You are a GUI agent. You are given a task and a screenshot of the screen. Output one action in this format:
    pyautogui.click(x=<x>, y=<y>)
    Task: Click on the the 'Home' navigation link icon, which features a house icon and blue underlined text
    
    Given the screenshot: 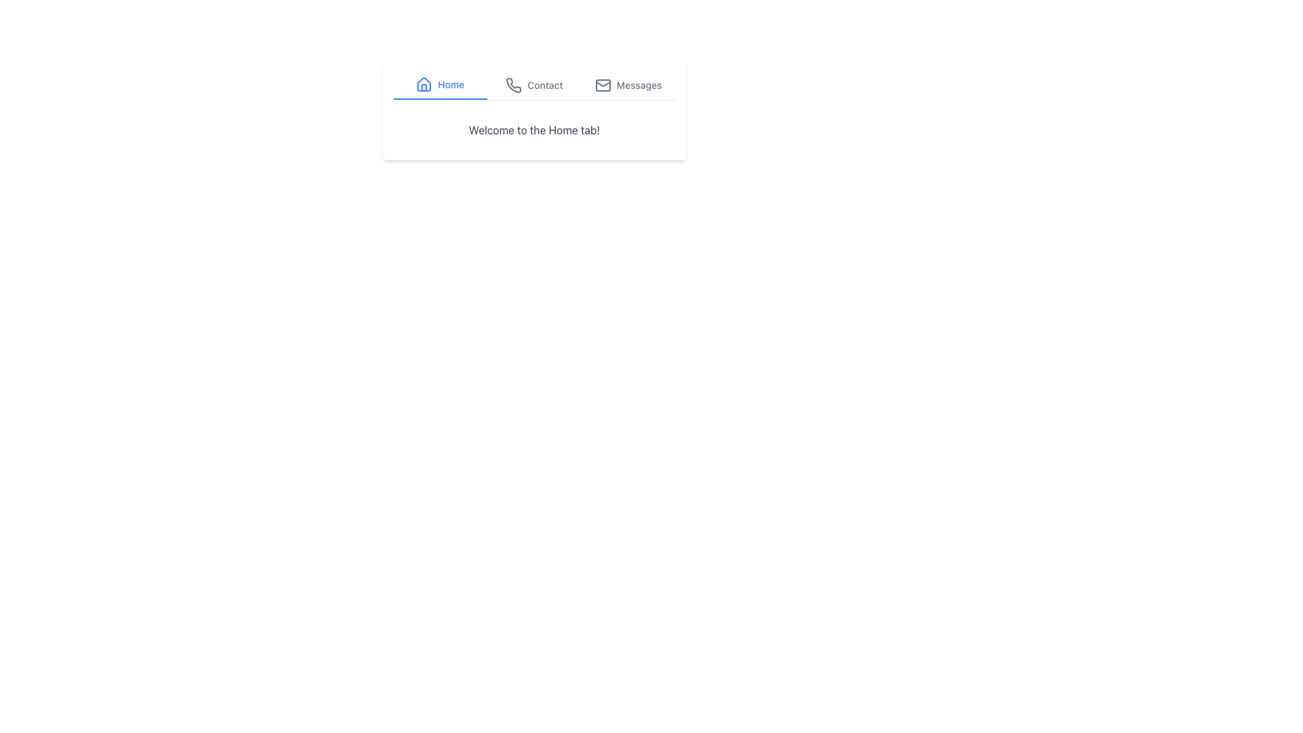 What is the action you would take?
    pyautogui.click(x=440, y=84)
    